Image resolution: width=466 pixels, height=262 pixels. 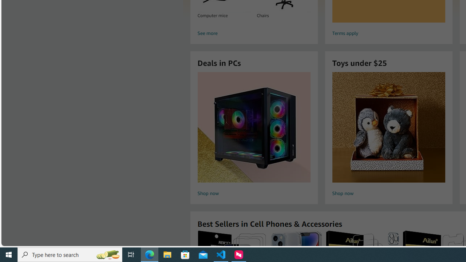 I want to click on 'Toys under $25', so click(x=388, y=127).